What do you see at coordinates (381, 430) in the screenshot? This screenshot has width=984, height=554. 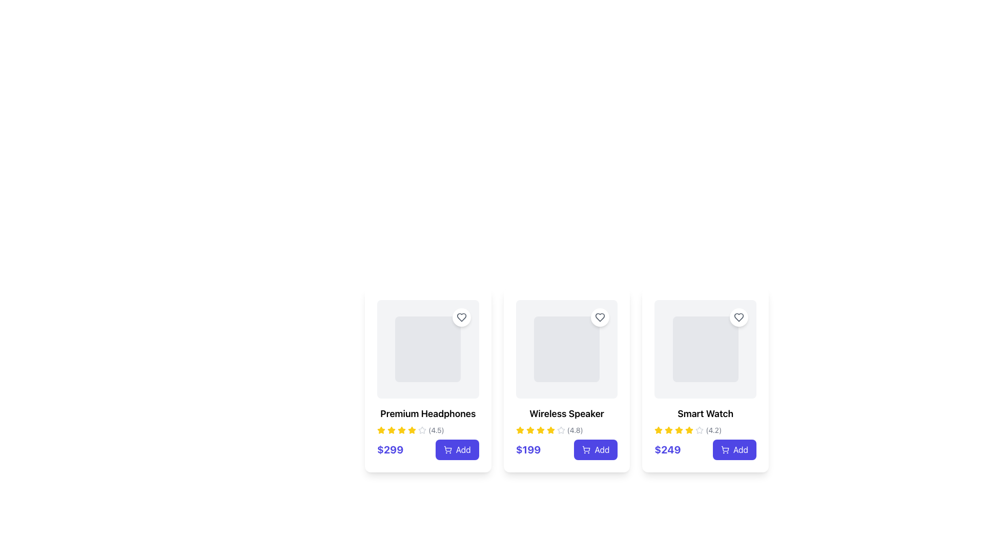 I see `the first yellow star icon with a hollow center, which is part of the rating component below the product title 'Premium Headphones'` at bounding box center [381, 430].